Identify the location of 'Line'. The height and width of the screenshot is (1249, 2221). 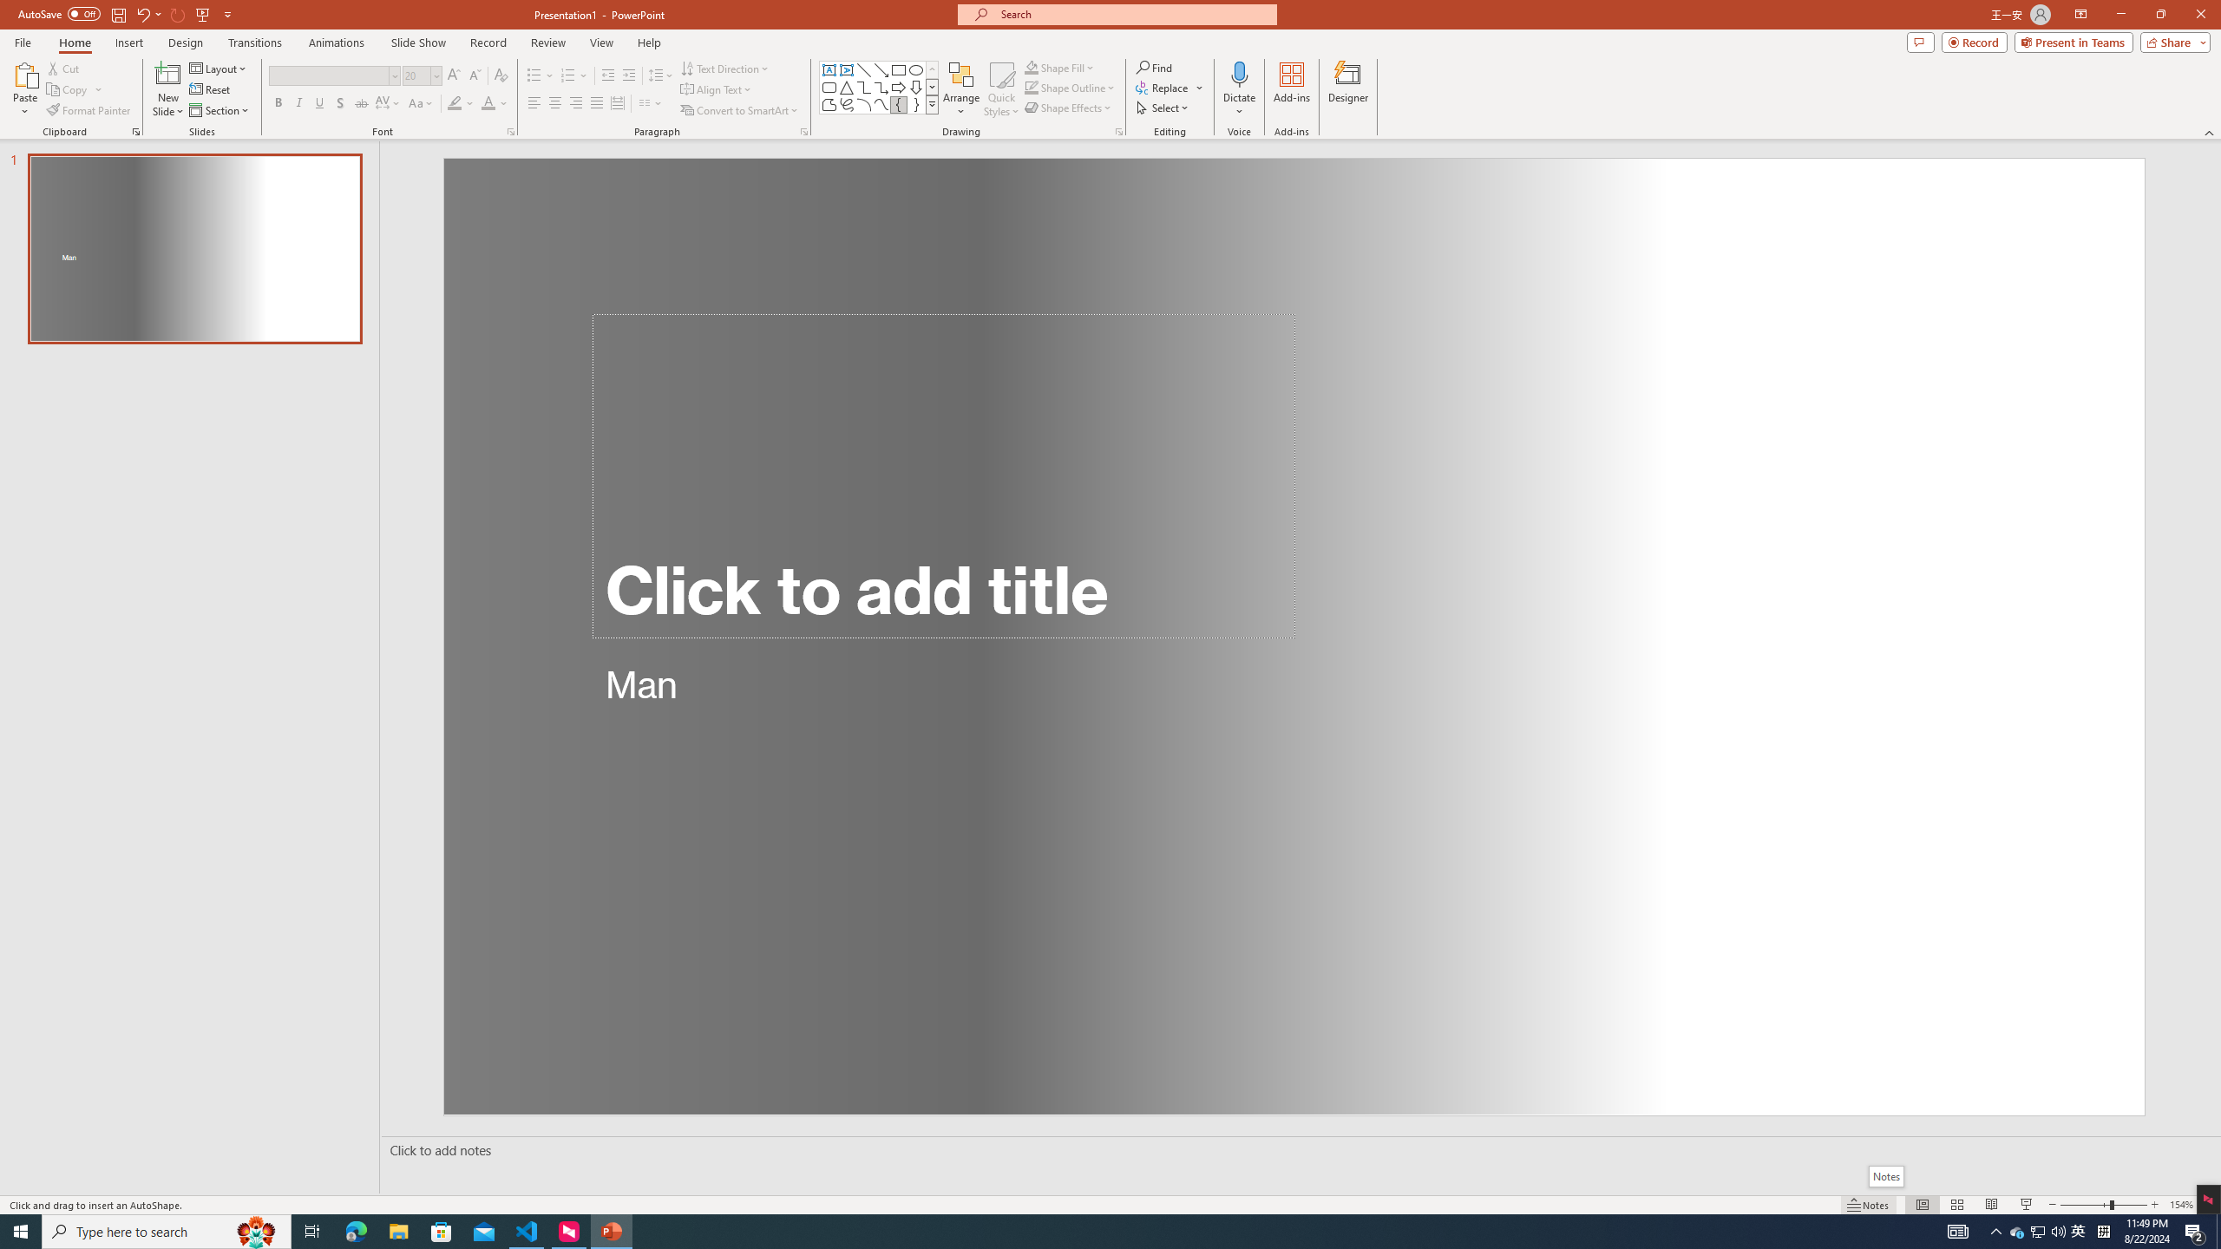
(862, 69).